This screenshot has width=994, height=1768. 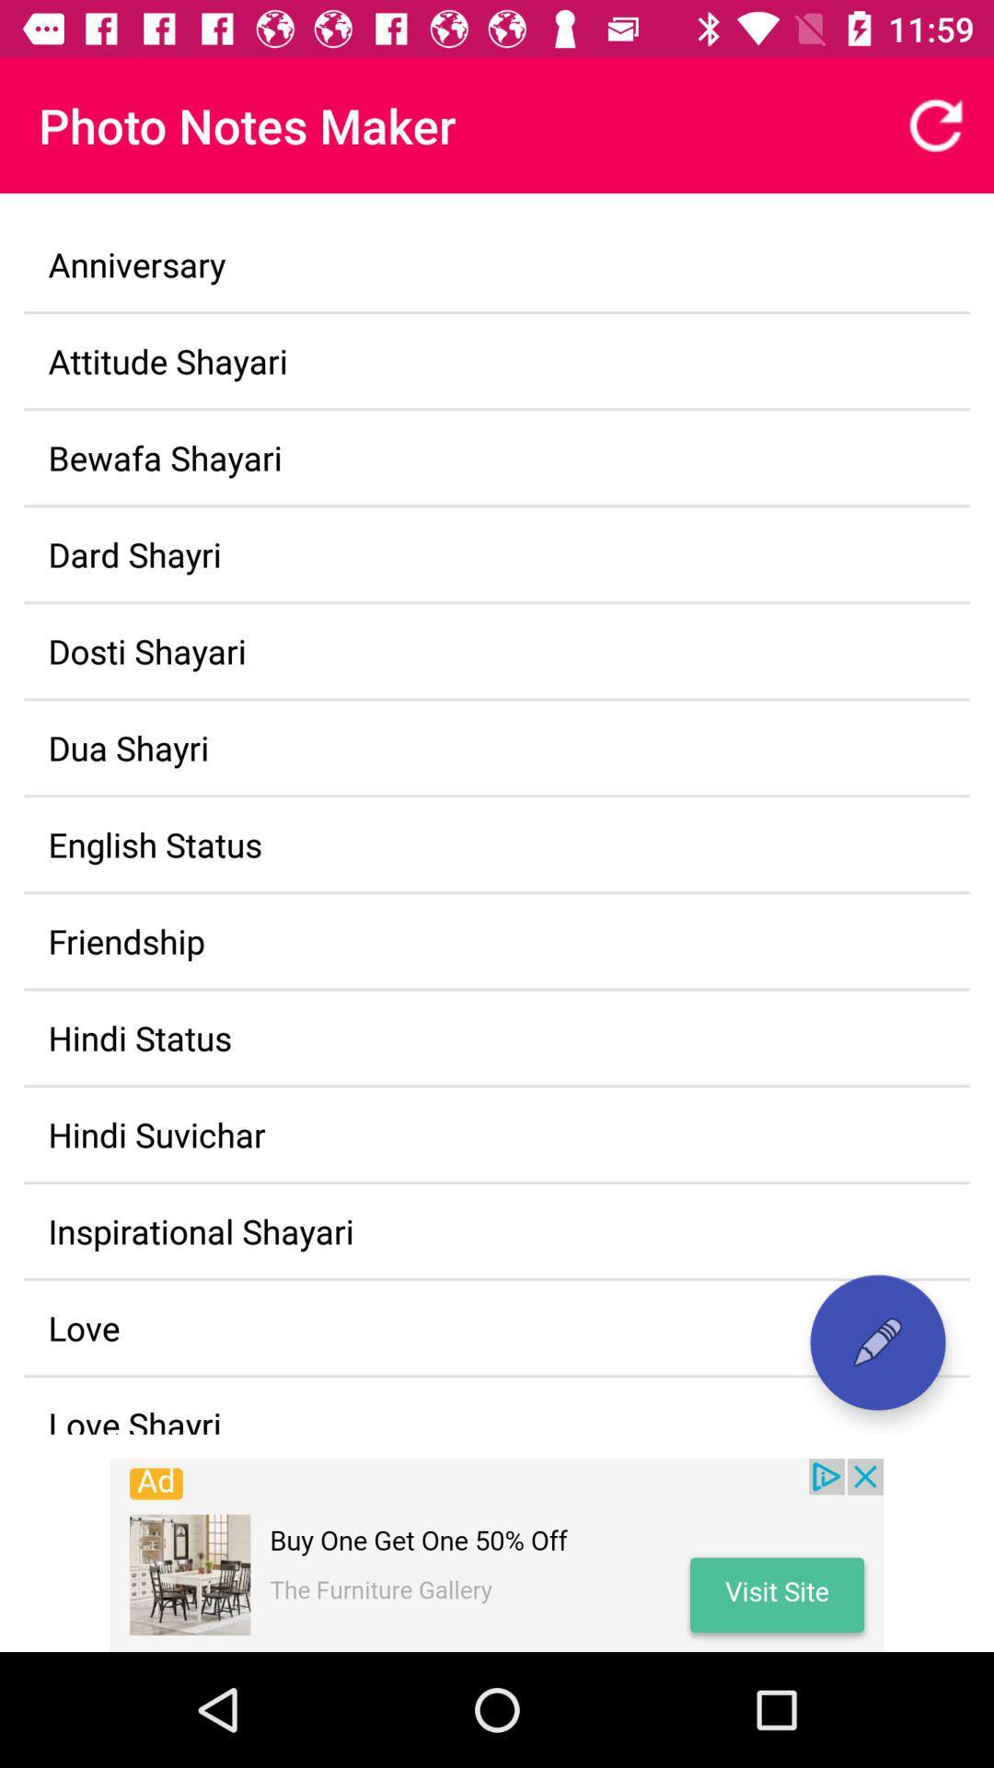 I want to click on advertisement button, so click(x=497, y=1554).